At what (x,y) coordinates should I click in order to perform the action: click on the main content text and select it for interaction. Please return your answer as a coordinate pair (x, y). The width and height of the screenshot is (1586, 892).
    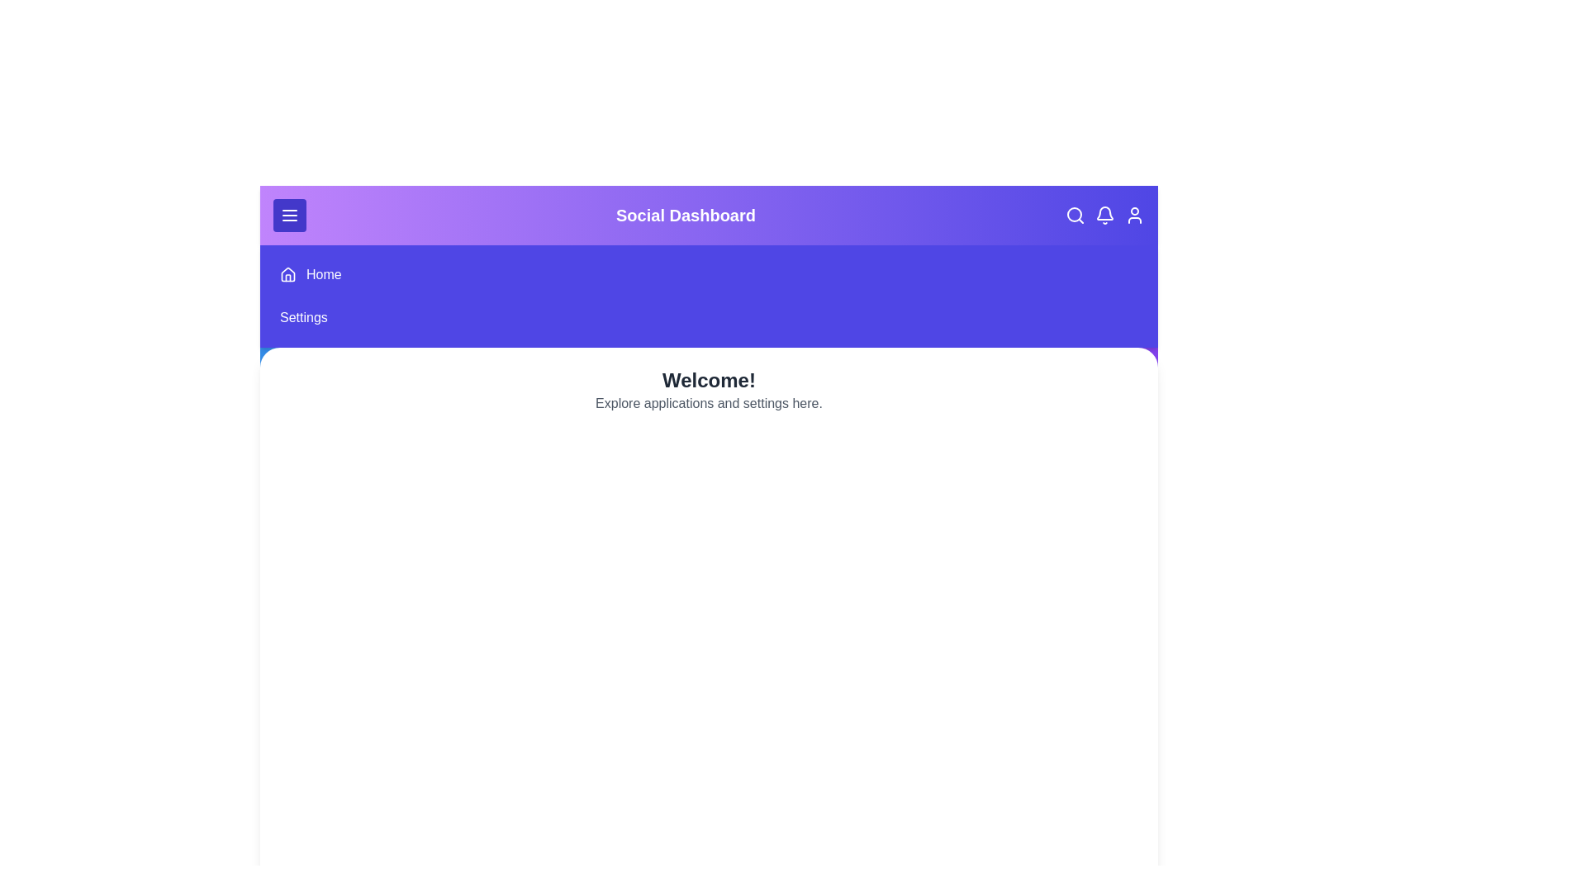
    Looking at the image, I should click on (709, 381).